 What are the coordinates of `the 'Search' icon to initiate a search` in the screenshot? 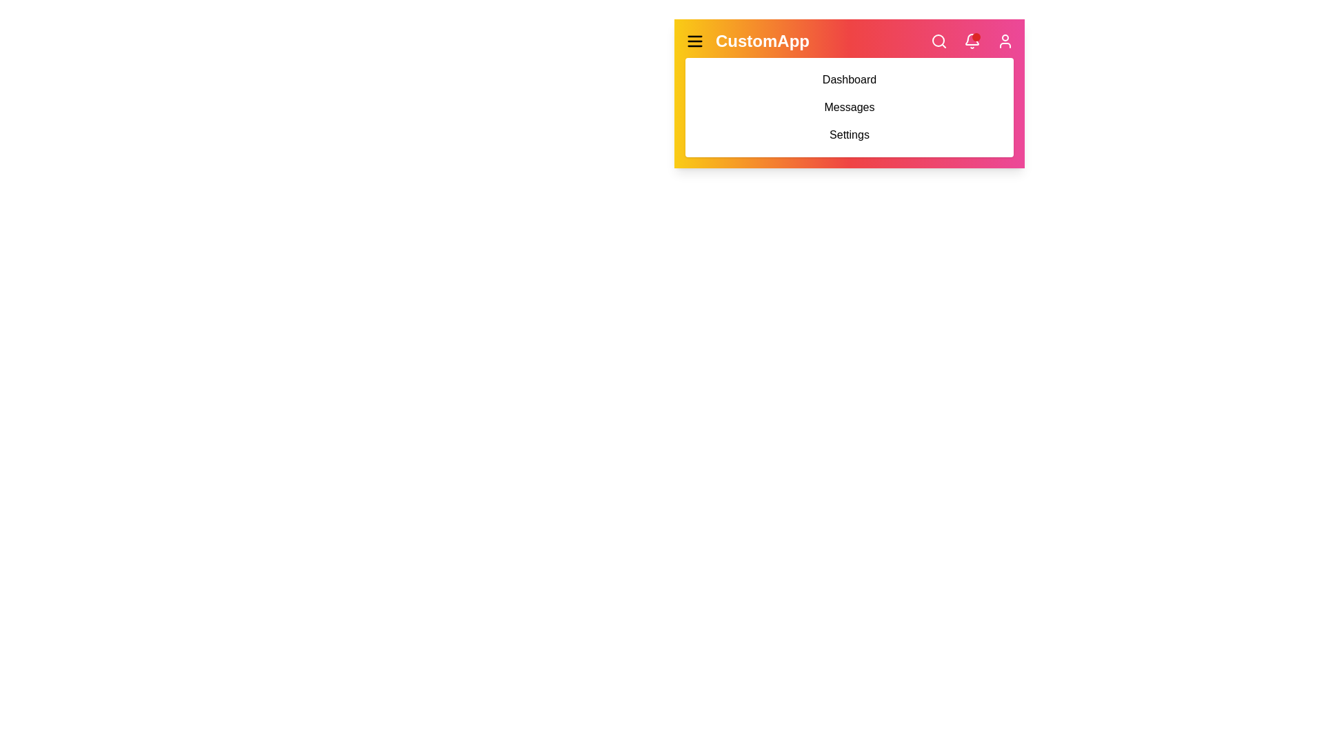 It's located at (939, 41).